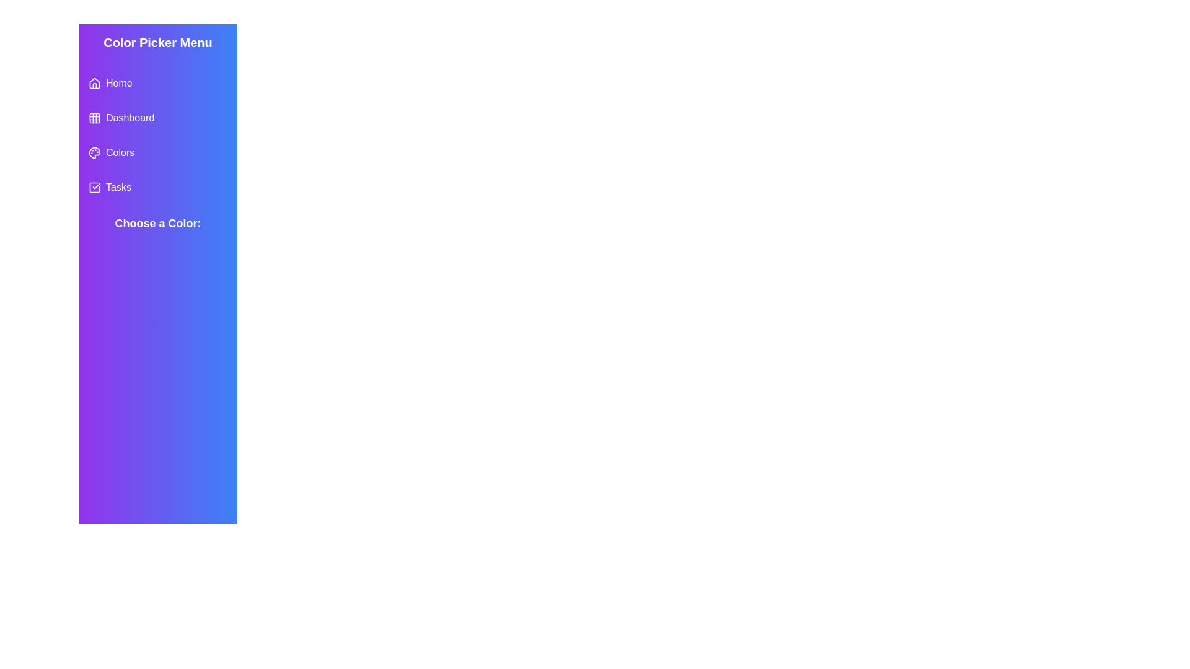 This screenshot has height=669, width=1190. Describe the element at coordinates (94, 118) in the screenshot. I see `the 3x3 grid icon located next to the 'Dashboard' text in the sidebar navigation` at that location.